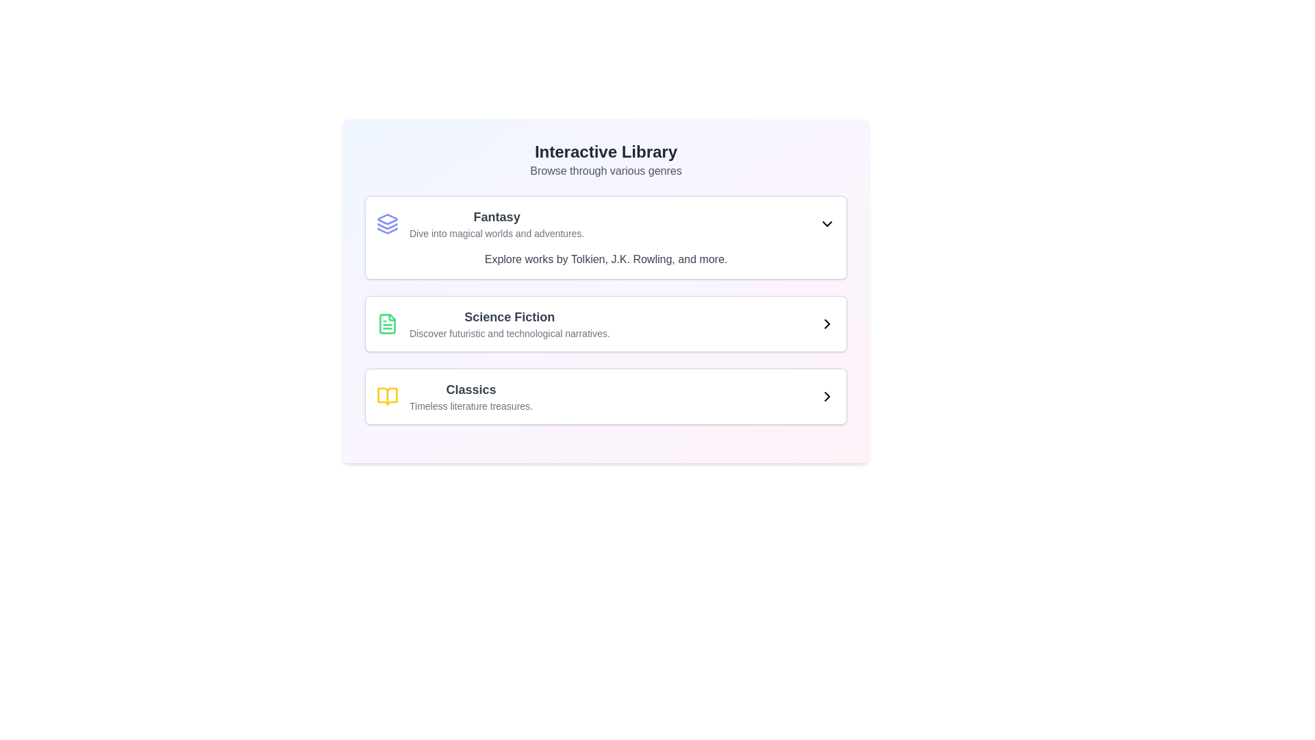  I want to click on the text label reading 'Timeless literature treasures.' which is located beneath the heading 'Classics' in a list format, so click(471, 406).